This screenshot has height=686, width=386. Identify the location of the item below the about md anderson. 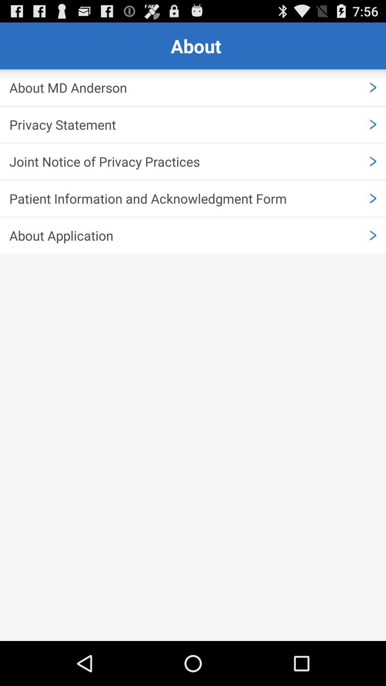
(193, 124).